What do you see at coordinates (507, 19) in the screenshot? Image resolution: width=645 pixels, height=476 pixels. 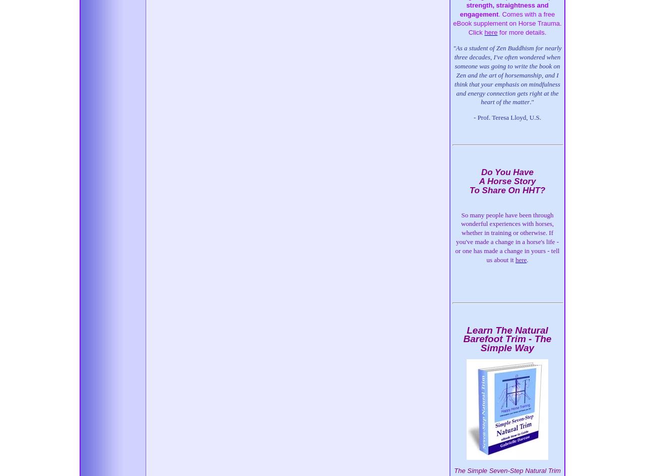 I see `'. Comes with a free eBook supplement on Horse Trauma.'` at bounding box center [507, 19].